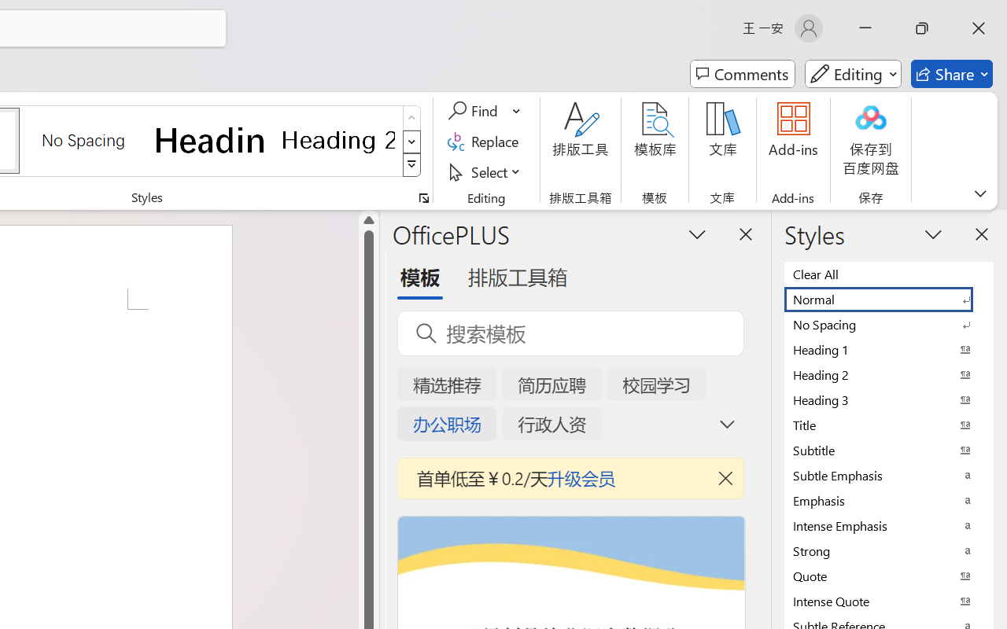 The image size is (1007, 629). Describe the element at coordinates (485, 141) in the screenshot. I see `'Replace...'` at that location.